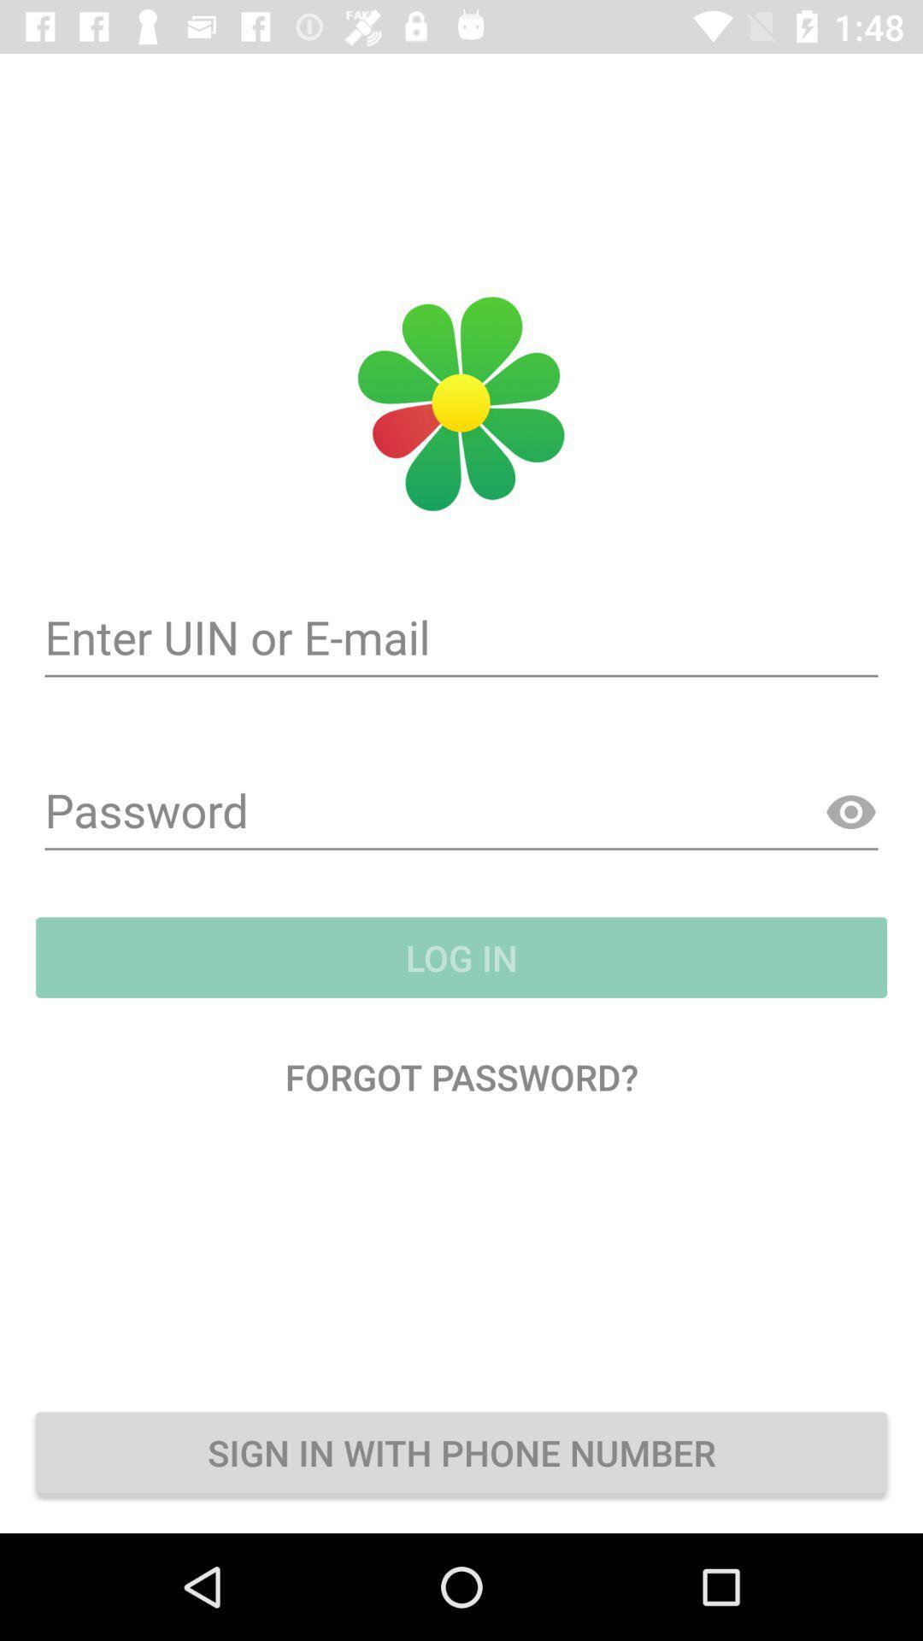 This screenshot has width=923, height=1641. I want to click on the icon above sign in with item, so click(461, 1075).